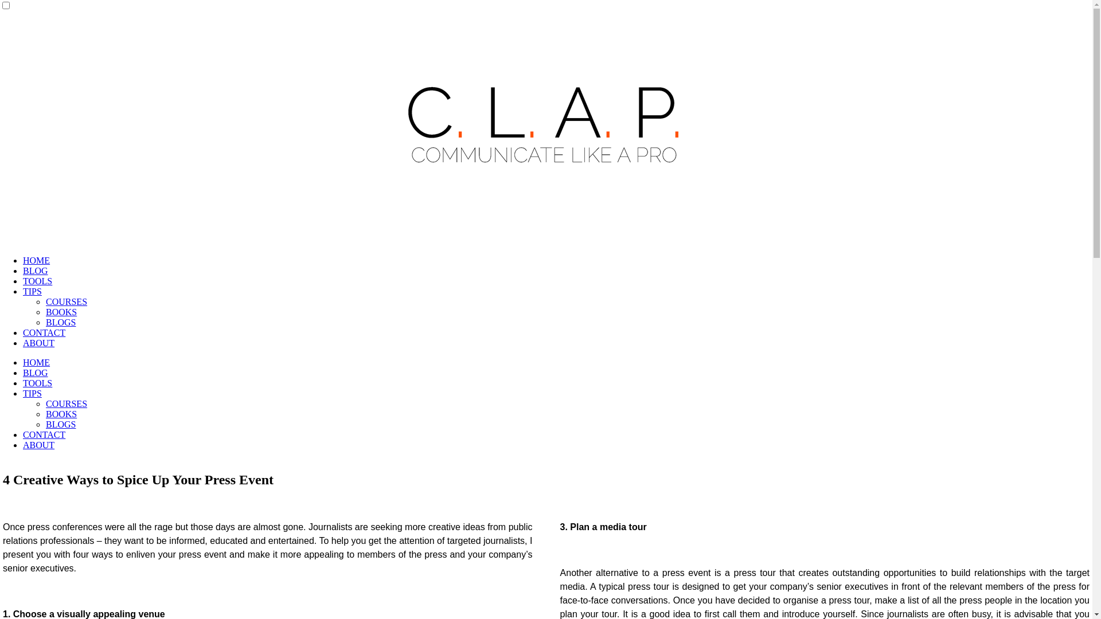 The height and width of the screenshot is (619, 1101). What do you see at coordinates (32, 291) in the screenshot?
I see `'TIPS'` at bounding box center [32, 291].